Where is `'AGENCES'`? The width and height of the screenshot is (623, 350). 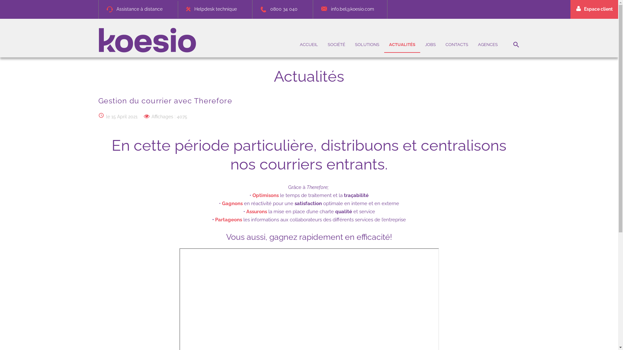
'AGENCES' is located at coordinates (473, 44).